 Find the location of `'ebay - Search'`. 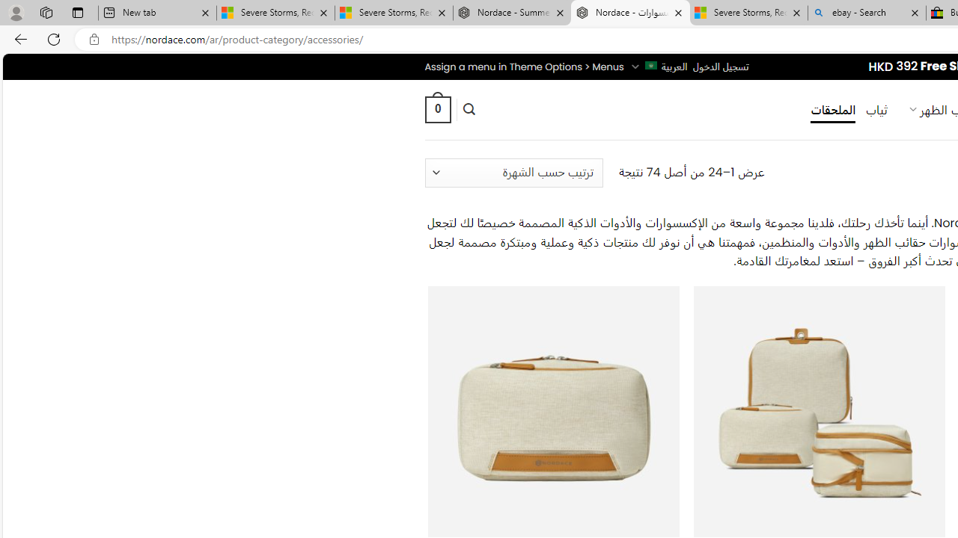

'ebay - Search' is located at coordinates (867, 13).